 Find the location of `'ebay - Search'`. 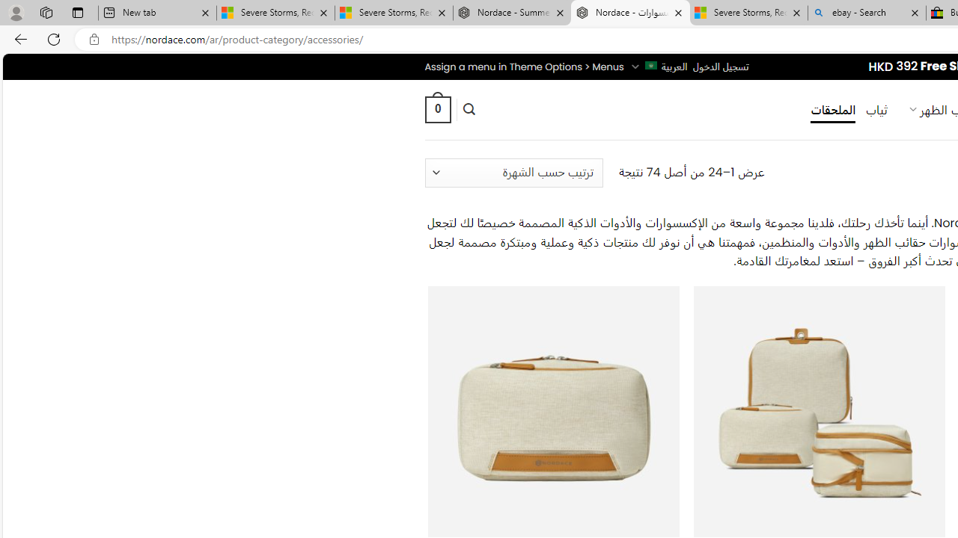

'ebay - Search' is located at coordinates (867, 13).